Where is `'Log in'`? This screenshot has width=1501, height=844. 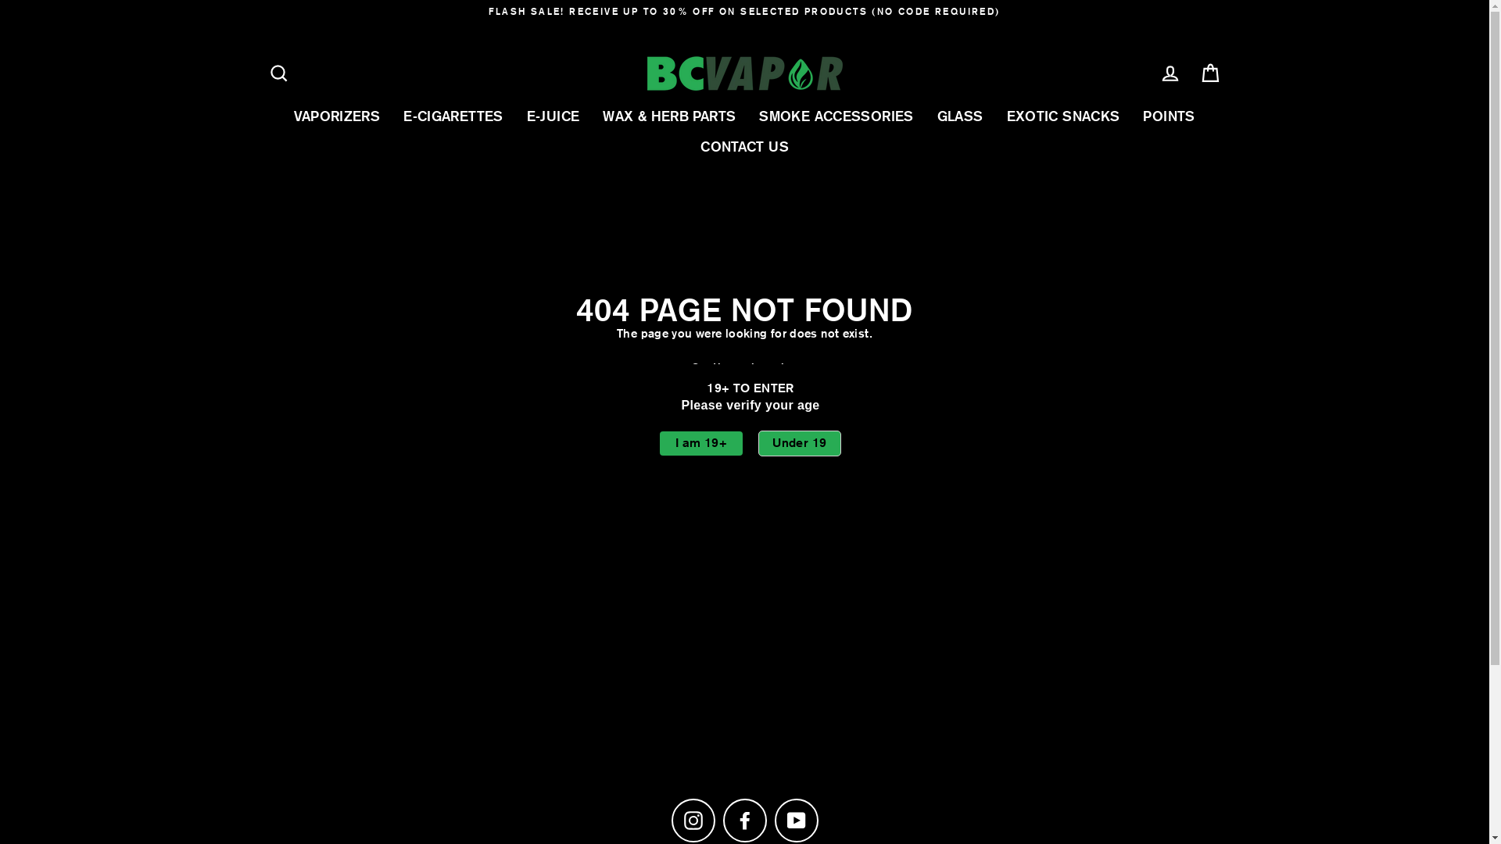
'Log in' is located at coordinates (1148, 73).